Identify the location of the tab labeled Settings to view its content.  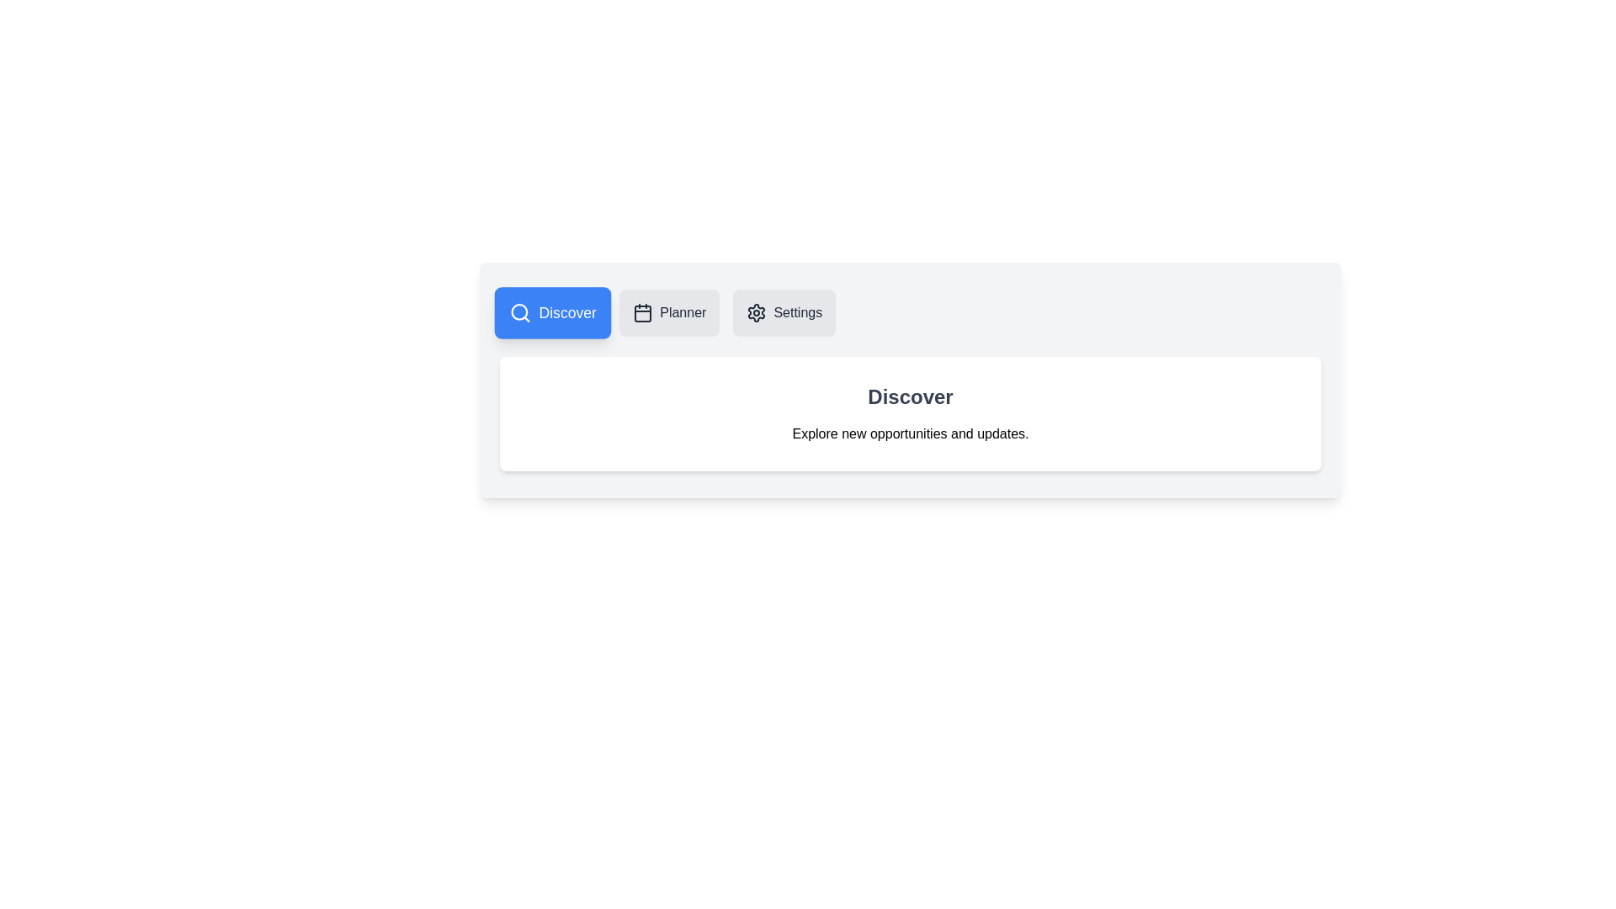
(784, 312).